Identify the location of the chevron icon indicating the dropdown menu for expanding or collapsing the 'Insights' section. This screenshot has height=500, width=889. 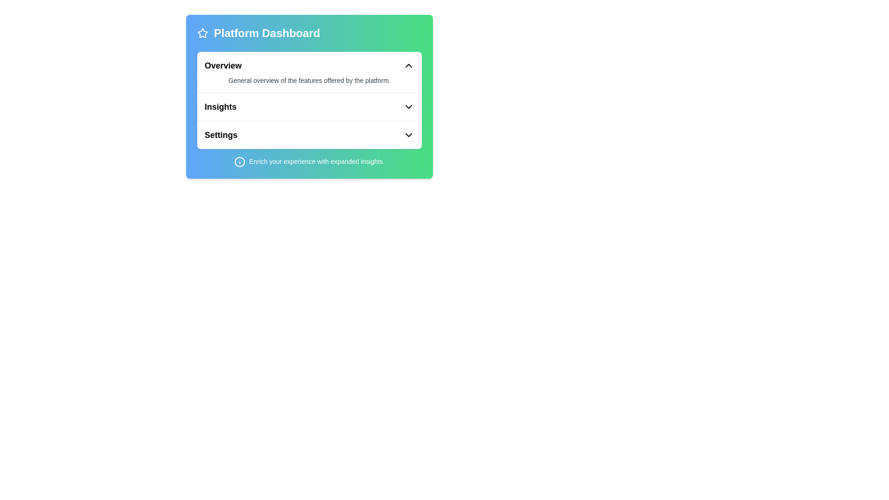
(408, 106).